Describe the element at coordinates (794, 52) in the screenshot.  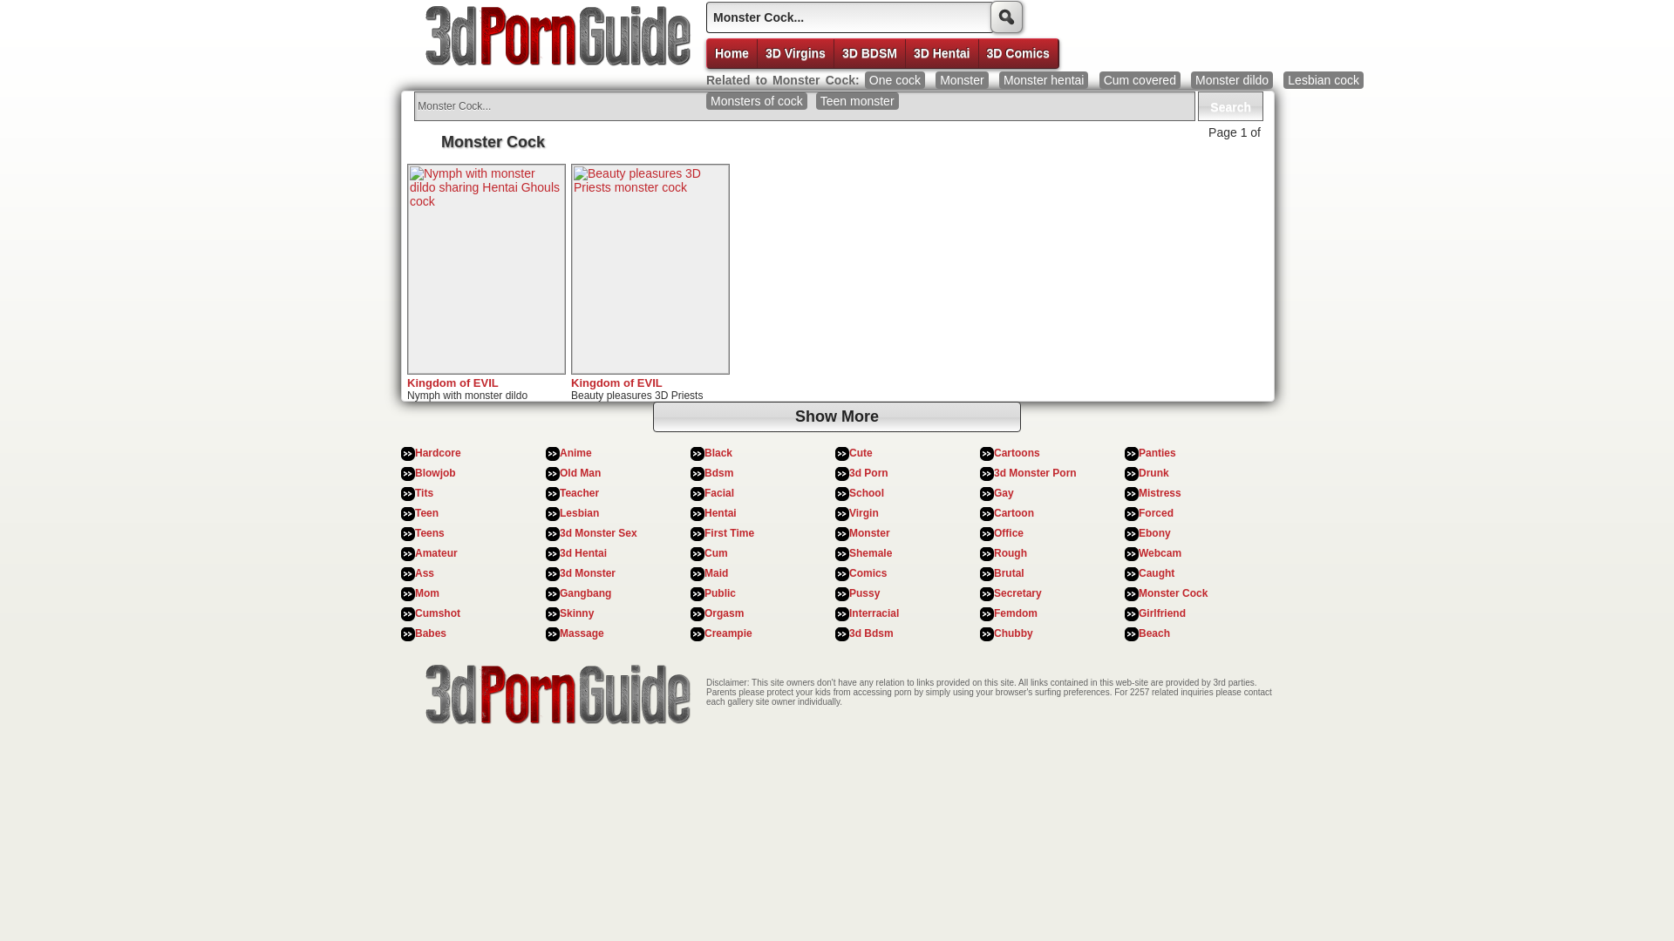
I see `'3D Virgins'` at that location.